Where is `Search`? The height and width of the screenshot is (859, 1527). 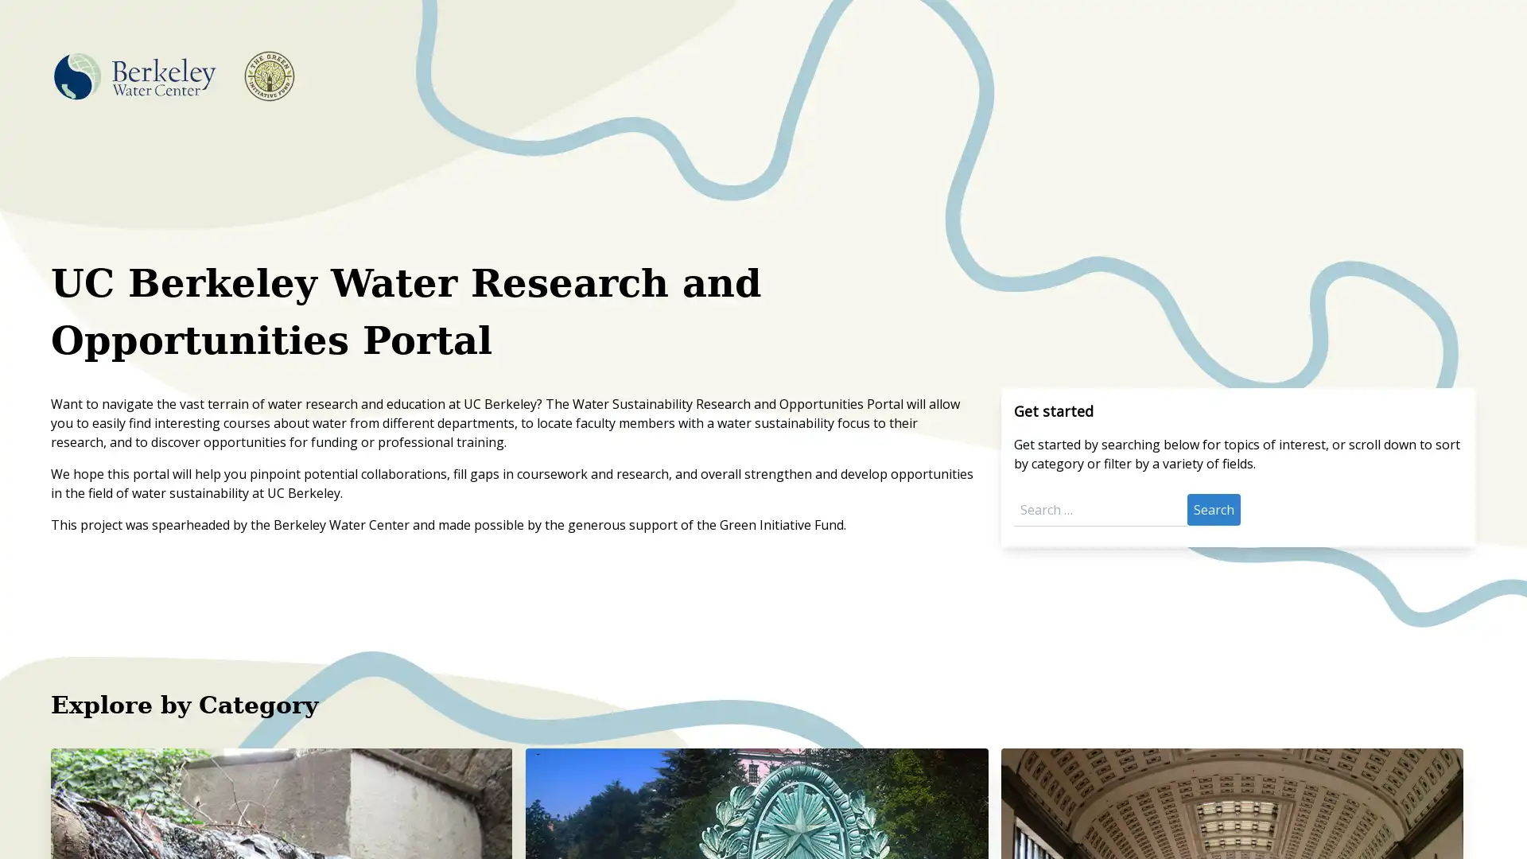 Search is located at coordinates (1212, 509).